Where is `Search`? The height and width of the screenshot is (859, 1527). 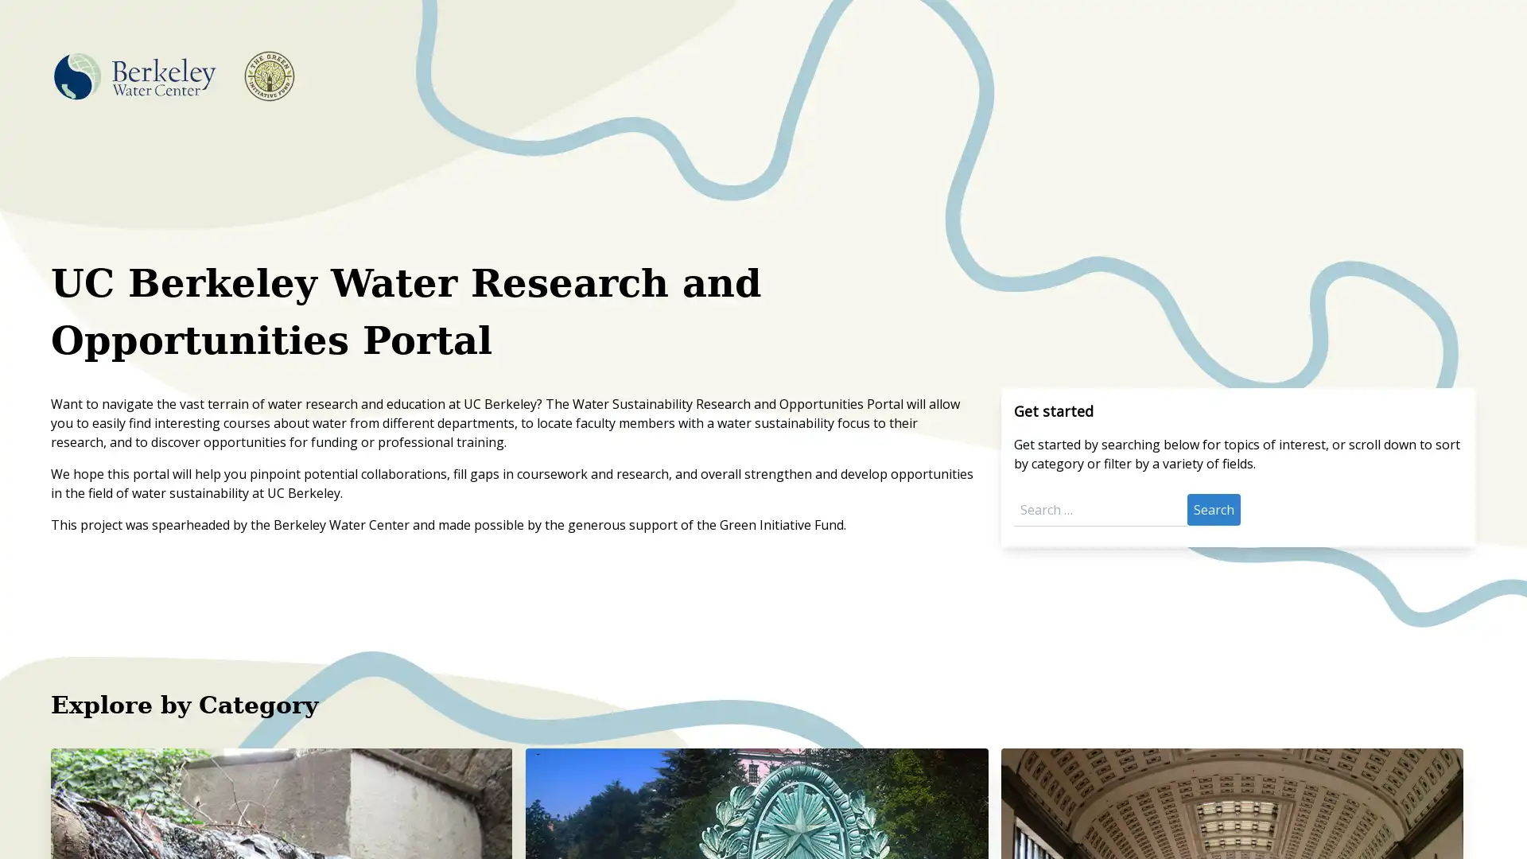 Search is located at coordinates (1212, 509).